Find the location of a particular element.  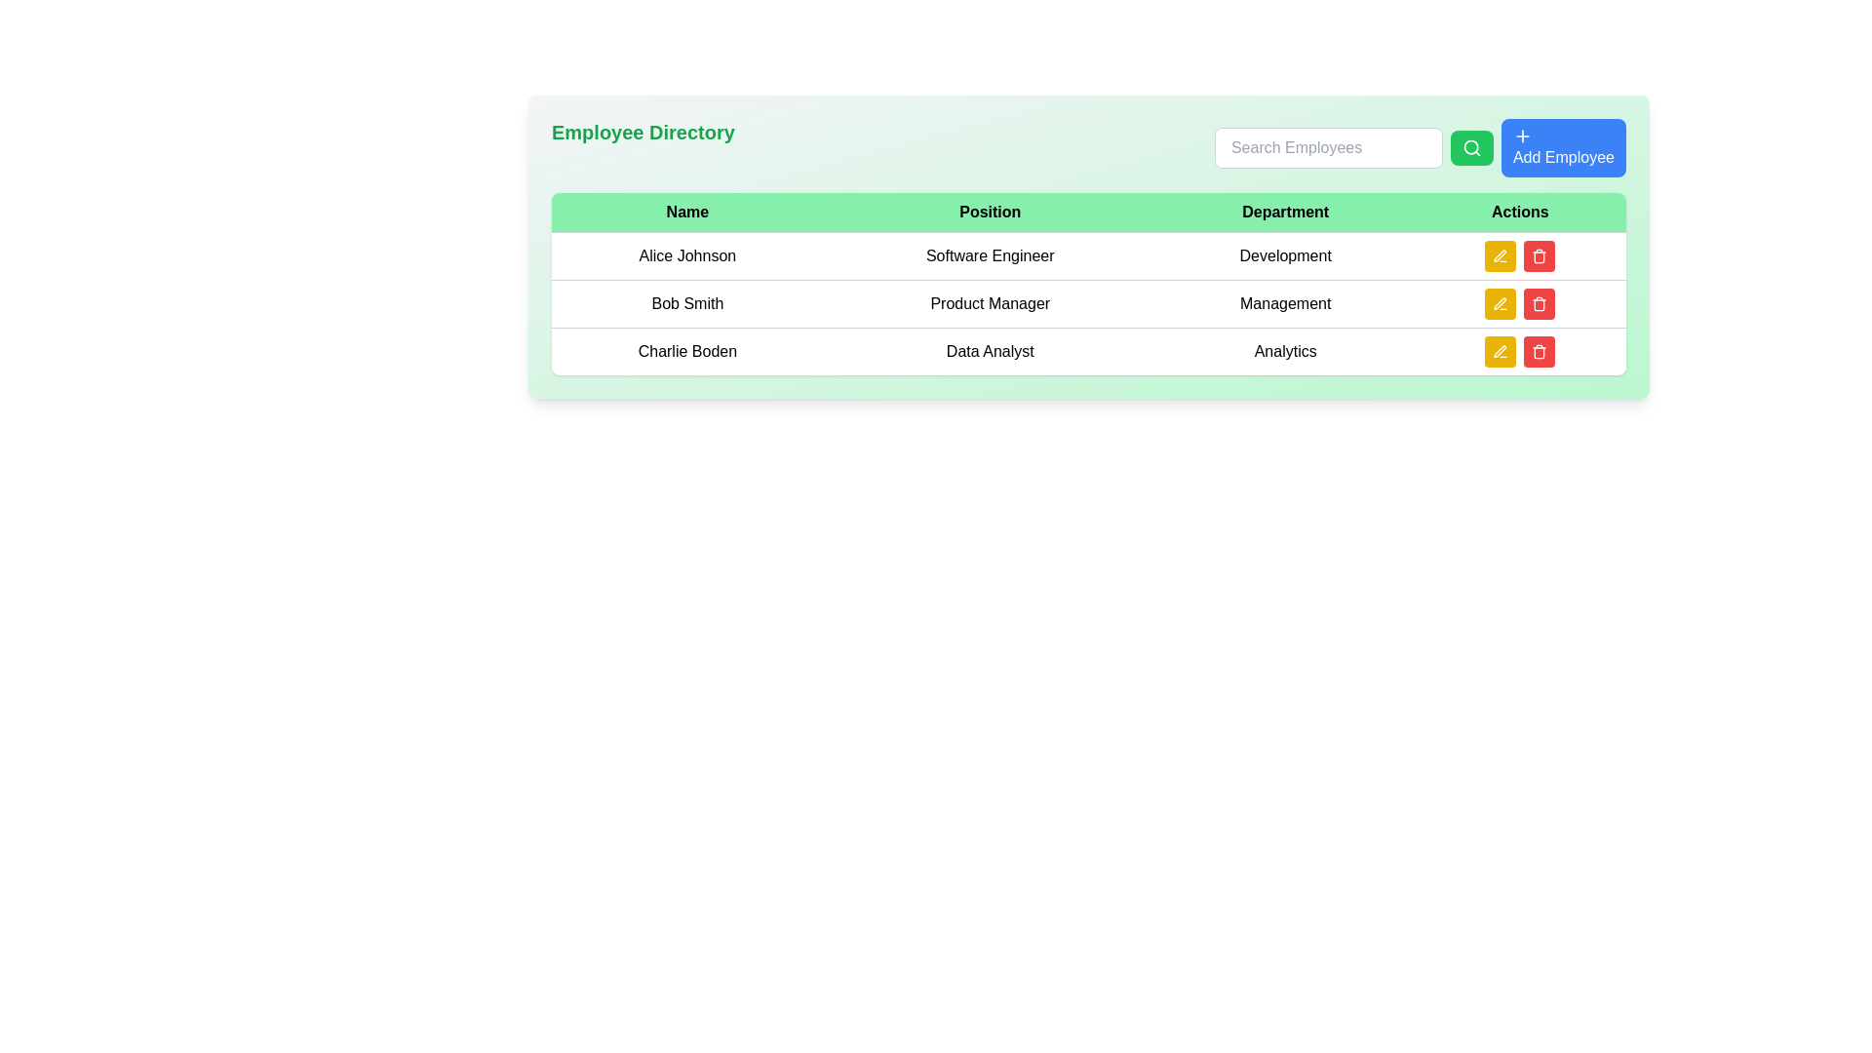

the blue plus icon located within the 'Add Employee' button to invoke its action is located at coordinates (1521, 135).